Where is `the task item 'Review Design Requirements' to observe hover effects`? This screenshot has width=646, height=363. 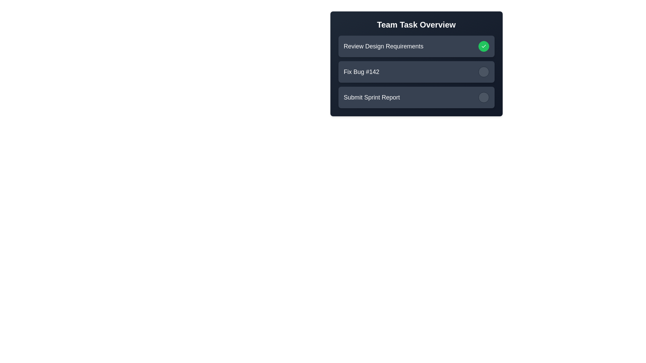
the task item 'Review Design Requirements' to observe hover effects is located at coordinates (416, 46).